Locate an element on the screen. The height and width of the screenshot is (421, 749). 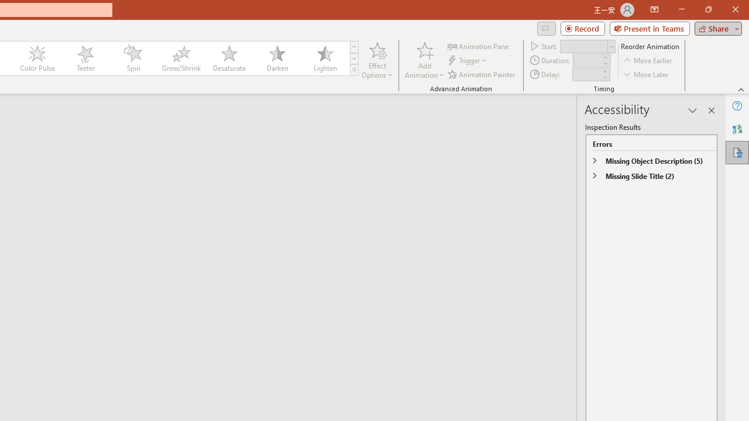
'Move Later' is located at coordinates (646, 74).